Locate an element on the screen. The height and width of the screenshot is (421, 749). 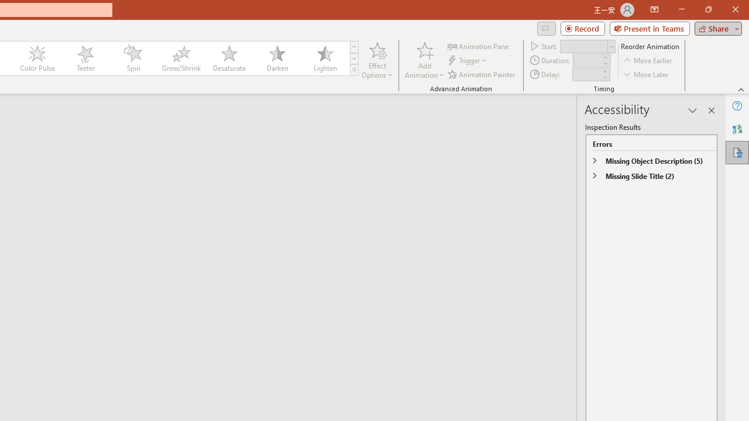
'Move Later' is located at coordinates (646, 74).